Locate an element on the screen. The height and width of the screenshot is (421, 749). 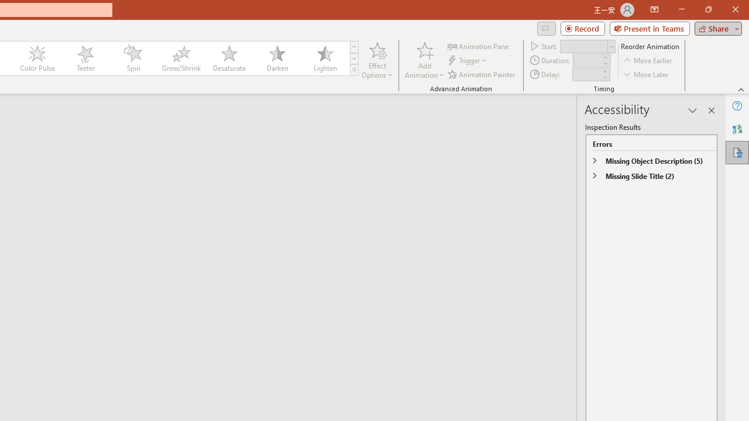
'Move Later' is located at coordinates (646, 74).